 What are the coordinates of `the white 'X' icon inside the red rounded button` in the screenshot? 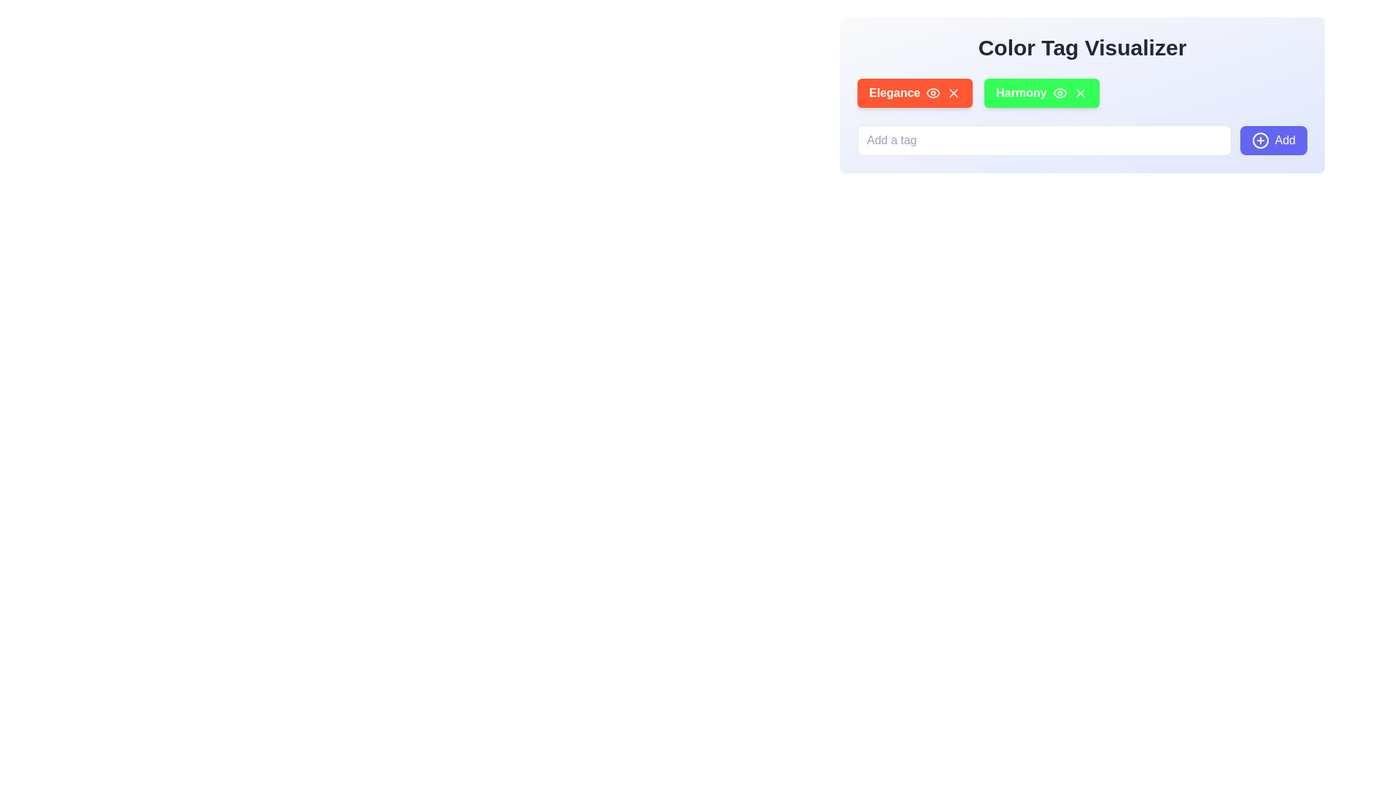 It's located at (954, 93).